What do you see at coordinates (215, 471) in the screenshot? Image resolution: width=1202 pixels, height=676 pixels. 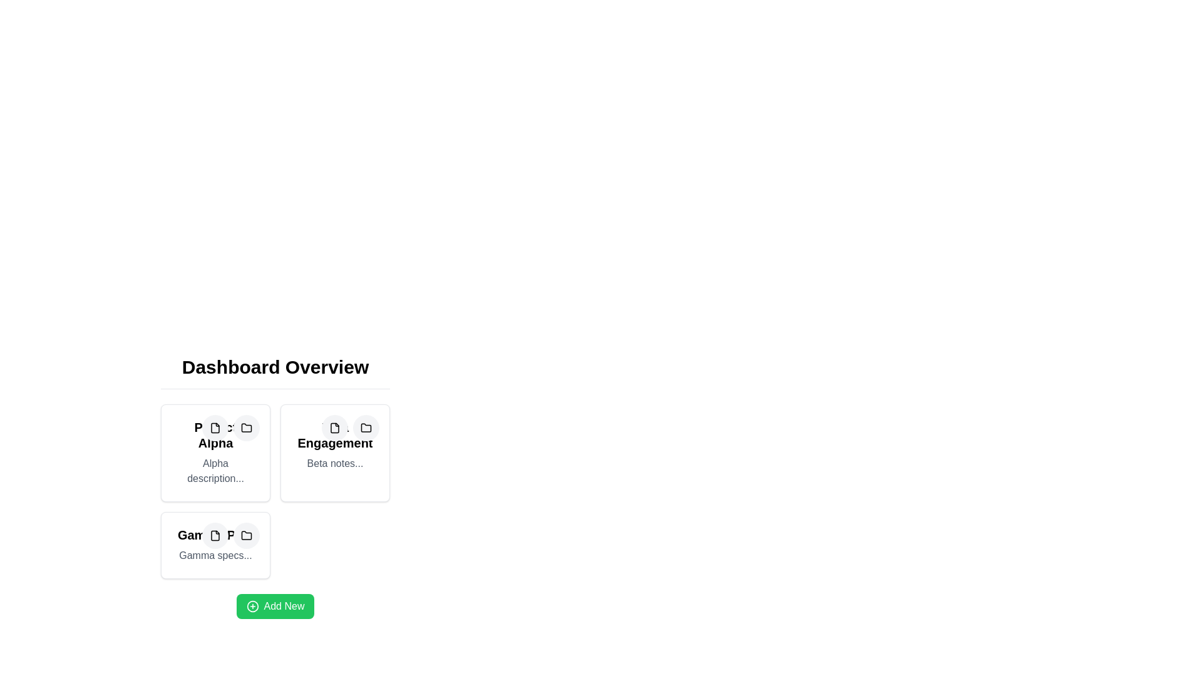 I see `the descriptive text label located below the title 'Project Alpha' in the leftmost column of the grid layout` at bounding box center [215, 471].